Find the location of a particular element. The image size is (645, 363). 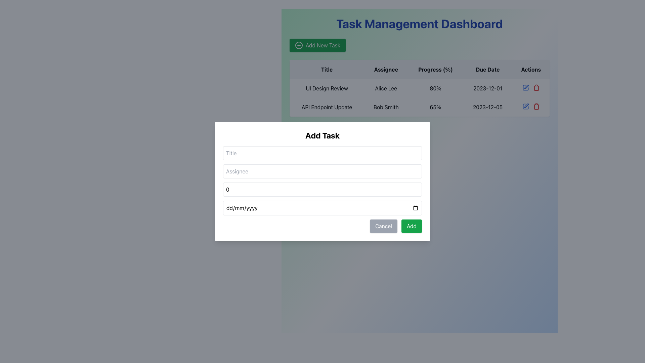

the action icon that resembles a square outline with a corner missing, located in the 'Actions' column of a table layout is located at coordinates (525, 106).